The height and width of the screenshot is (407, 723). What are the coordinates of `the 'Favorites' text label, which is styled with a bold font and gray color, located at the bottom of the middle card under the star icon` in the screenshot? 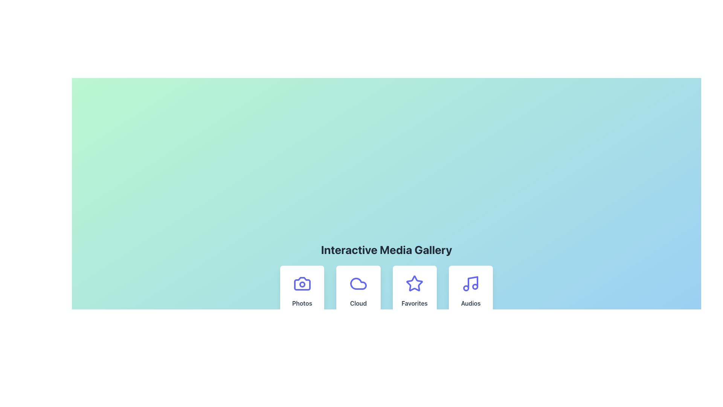 It's located at (414, 303).